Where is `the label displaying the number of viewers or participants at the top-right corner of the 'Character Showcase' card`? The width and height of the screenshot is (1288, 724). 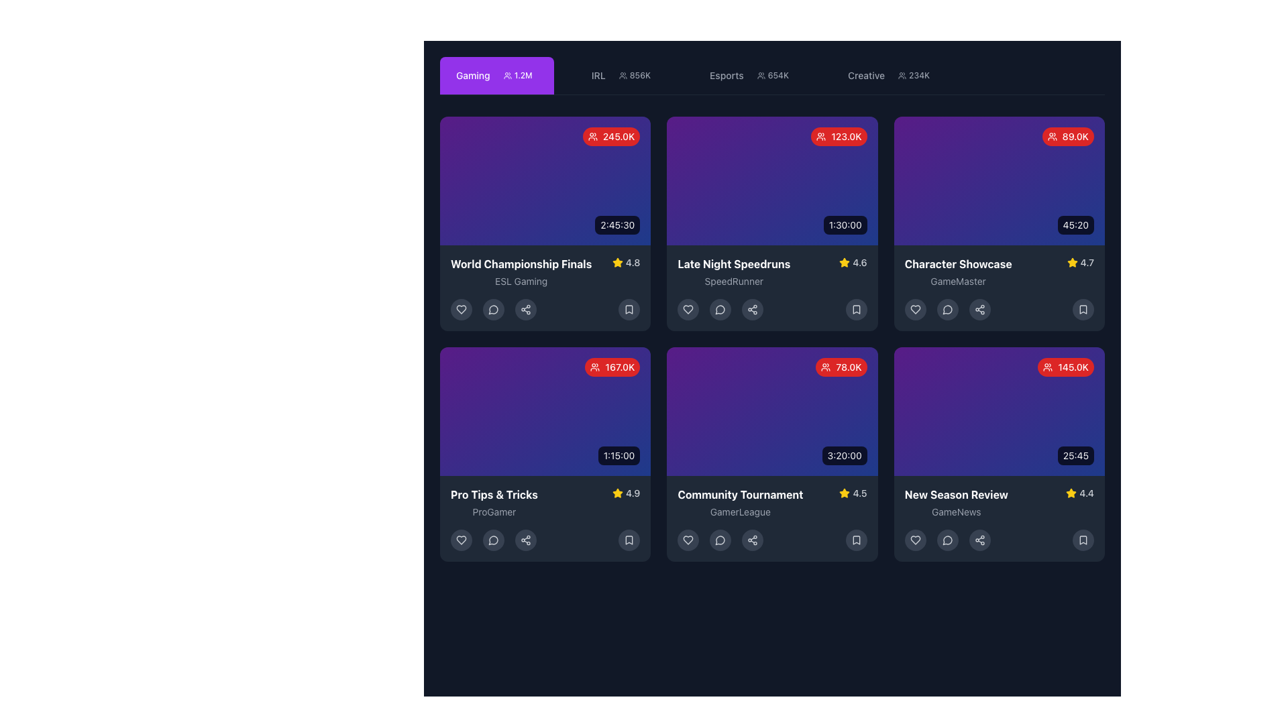
the label displaying the number of viewers or participants at the top-right corner of the 'Character Showcase' card is located at coordinates (1067, 137).